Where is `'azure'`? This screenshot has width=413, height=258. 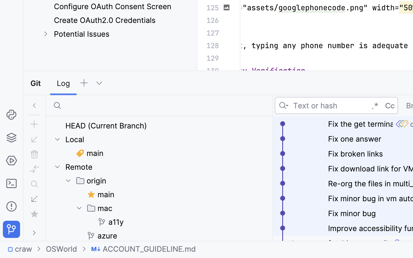
'azure' is located at coordinates (102, 235).